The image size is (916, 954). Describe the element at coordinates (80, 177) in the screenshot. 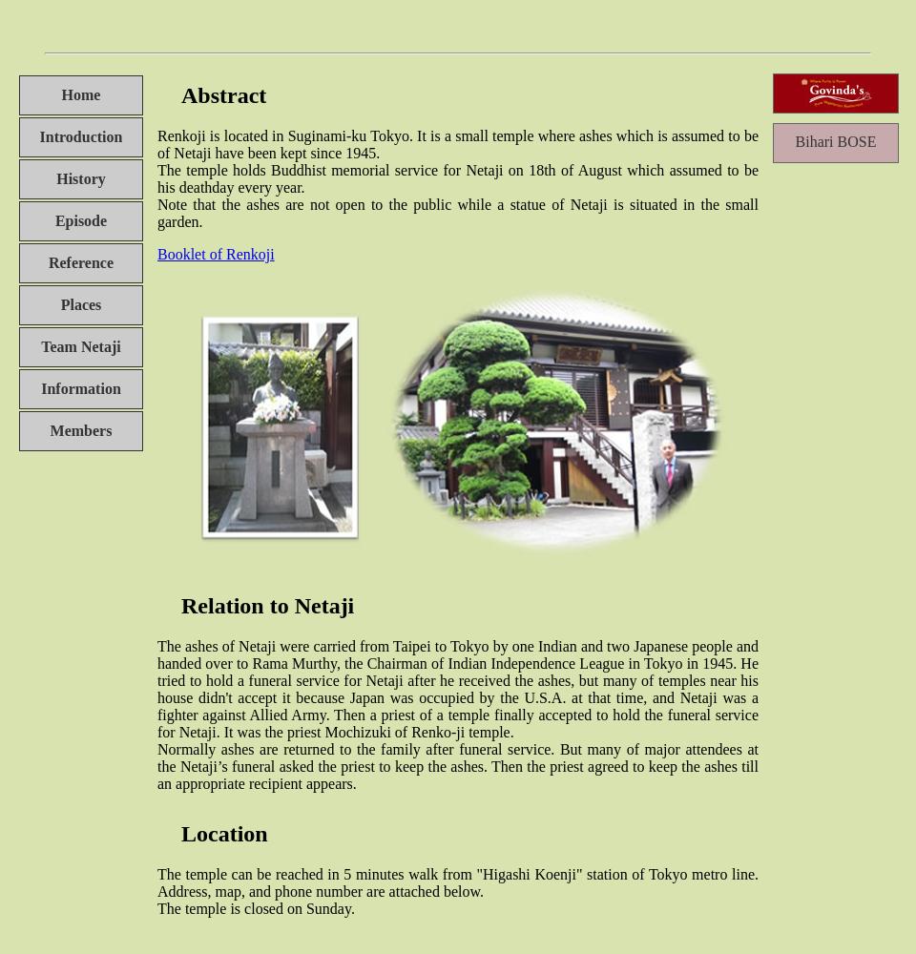

I see `'History'` at that location.